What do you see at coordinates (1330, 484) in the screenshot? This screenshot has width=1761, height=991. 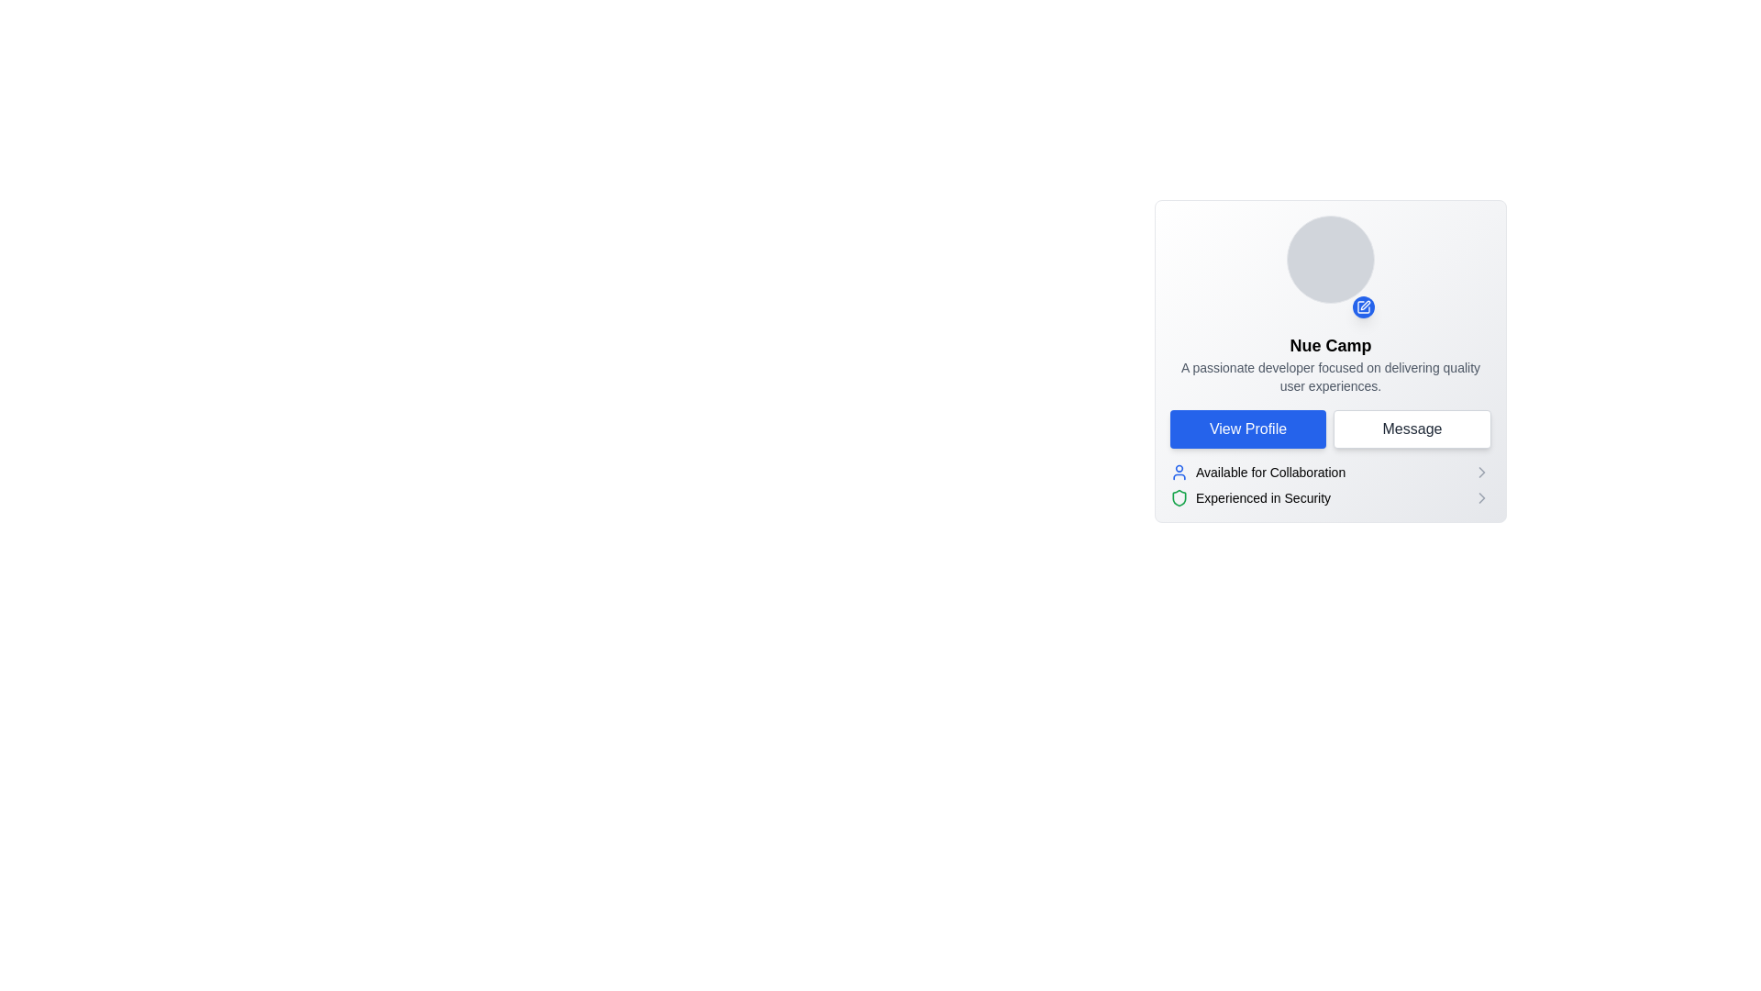 I see `information from the Information card displaying 'Available for Collaboration Experienced in Security', which includes a blue user icon and a green shield icon` at bounding box center [1330, 484].